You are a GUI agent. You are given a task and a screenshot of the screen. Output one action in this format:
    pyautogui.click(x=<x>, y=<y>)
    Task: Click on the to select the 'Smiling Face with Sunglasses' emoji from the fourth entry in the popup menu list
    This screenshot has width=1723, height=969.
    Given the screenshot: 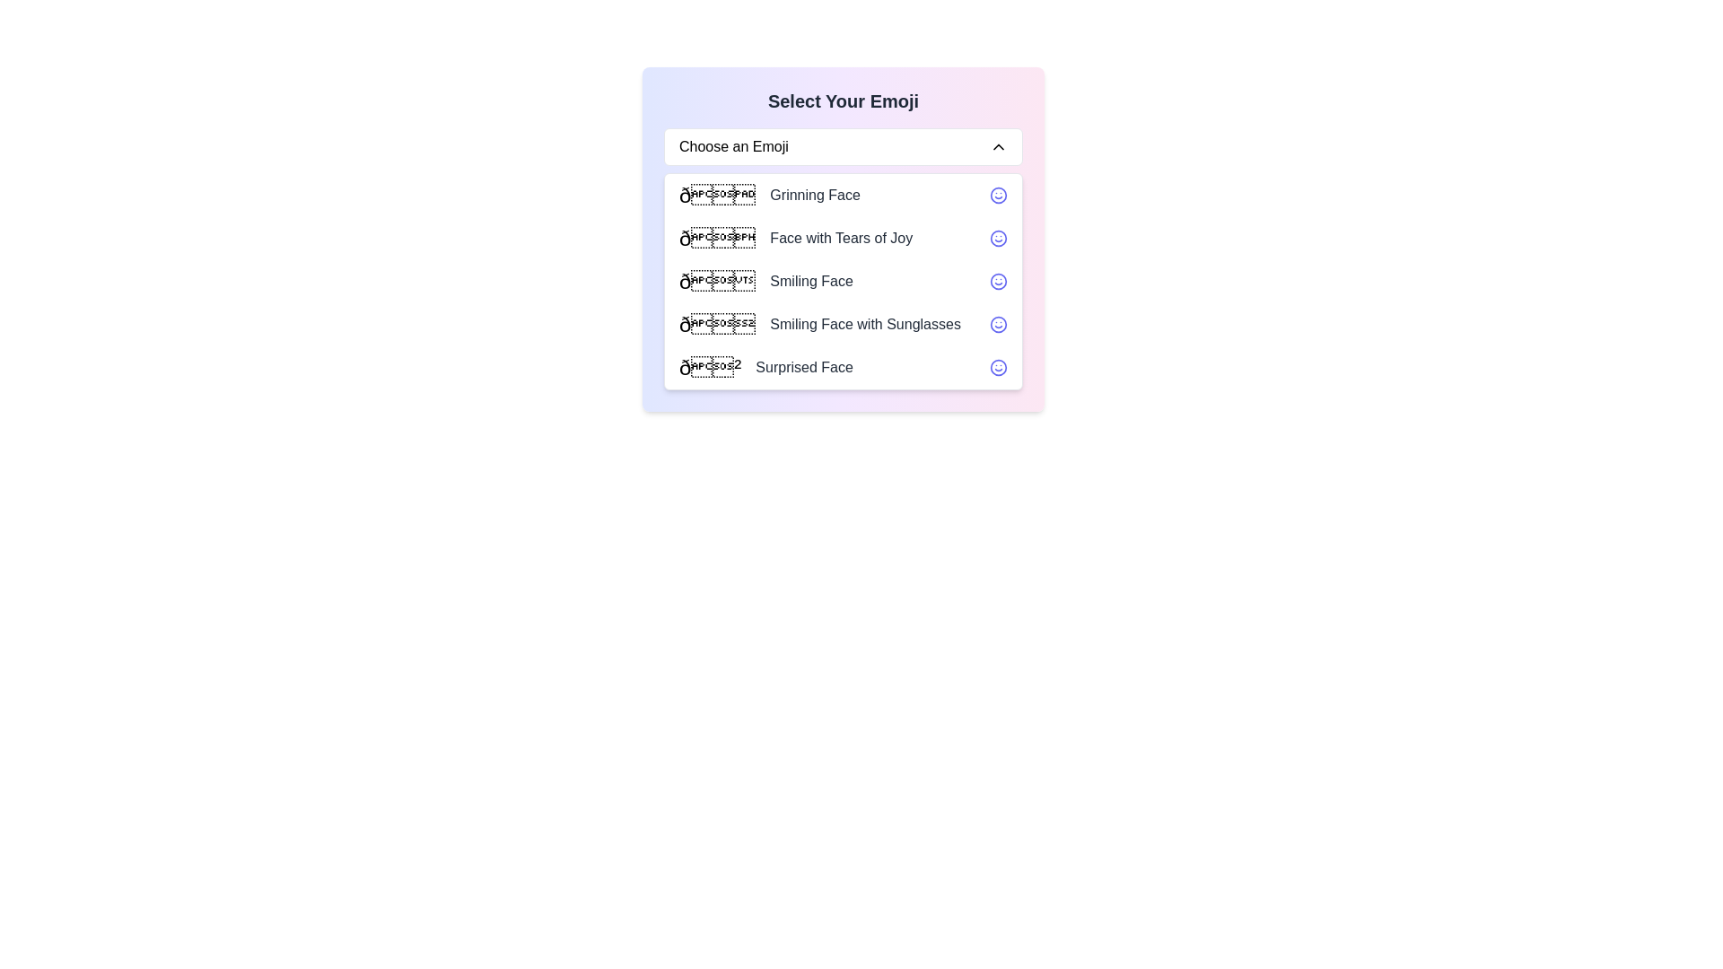 What is the action you would take?
    pyautogui.click(x=818, y=325)
    